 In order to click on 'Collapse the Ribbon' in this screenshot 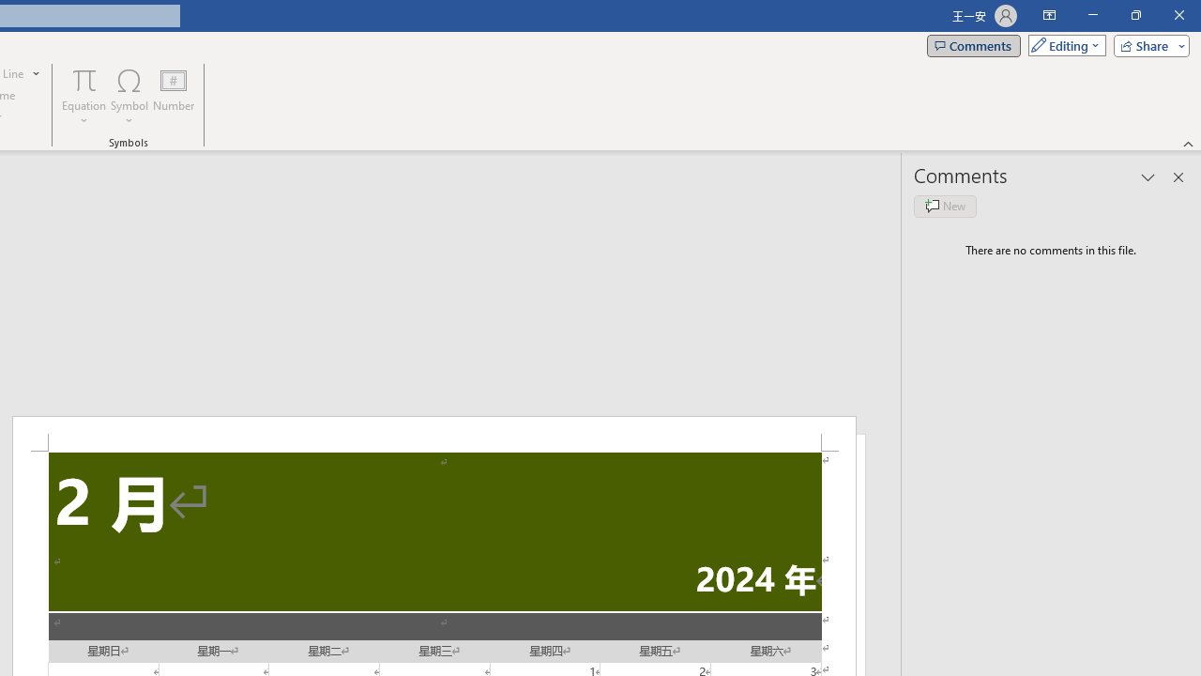, I will do `click(1188, 143)`.